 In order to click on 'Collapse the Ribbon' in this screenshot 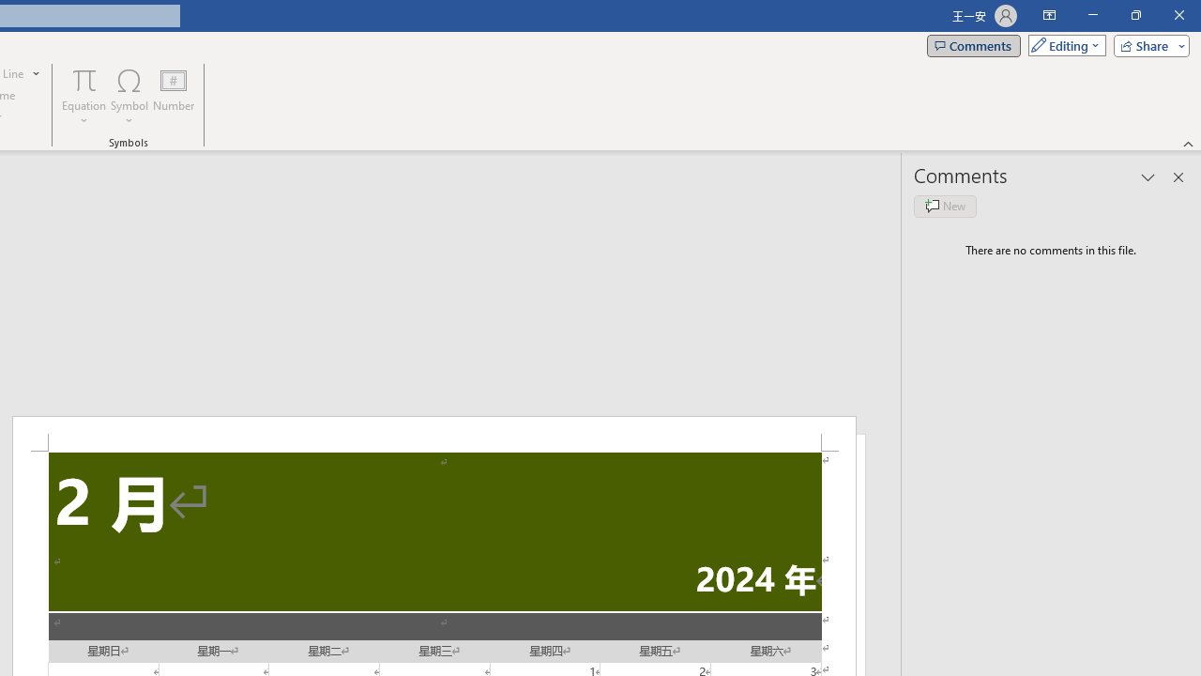, I will do `click(1188, 143)`.